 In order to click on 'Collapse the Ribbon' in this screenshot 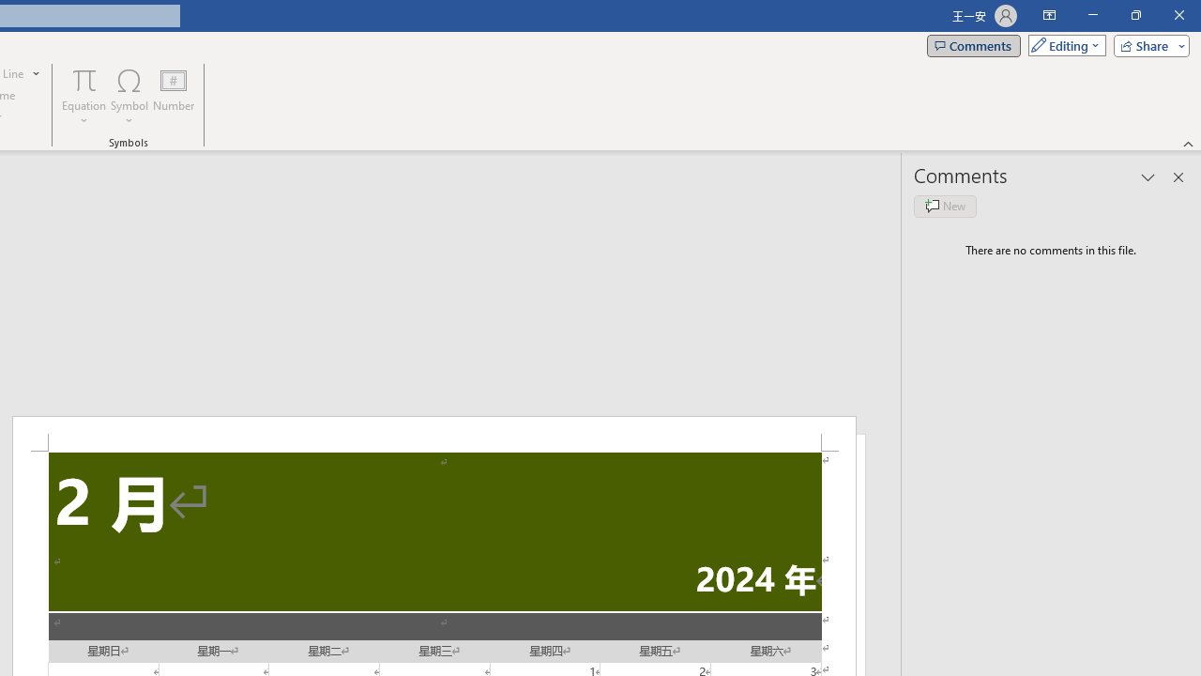, I will do `click(1188, 143)`.